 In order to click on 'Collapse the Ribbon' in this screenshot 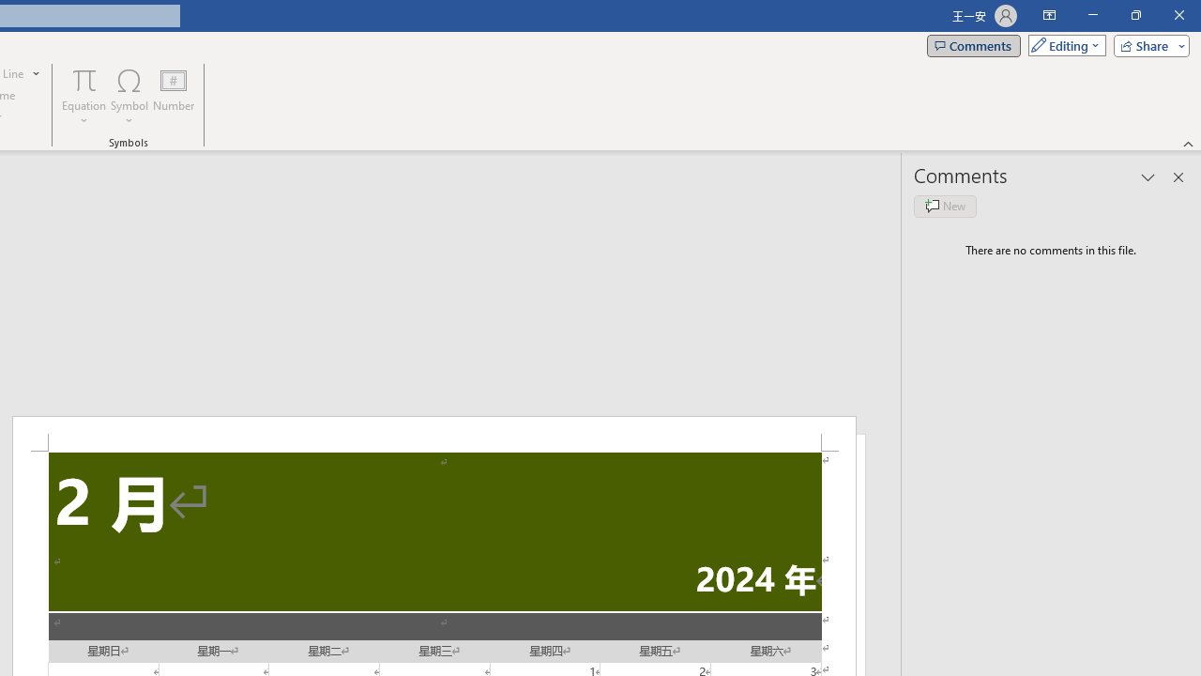, I will do `click(1188, 143)`.